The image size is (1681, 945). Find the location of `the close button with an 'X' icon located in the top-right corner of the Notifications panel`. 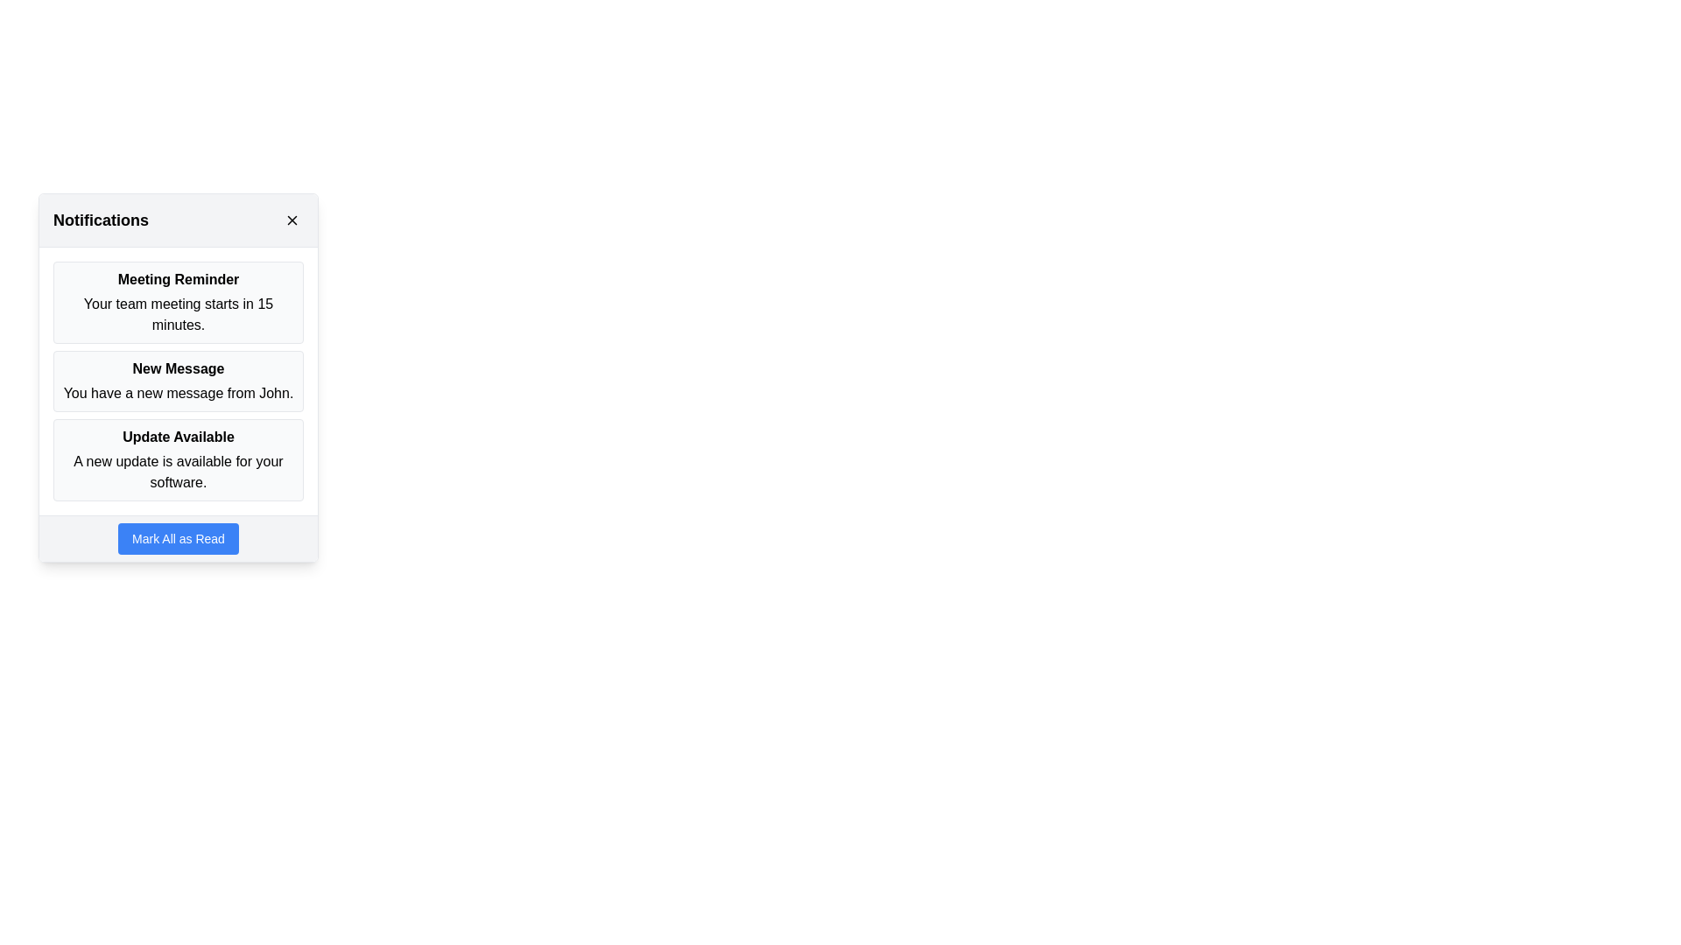

the close button with an 'X' icon located in the top-right corner of the Notifications panel is located at coordinates (292, 219).